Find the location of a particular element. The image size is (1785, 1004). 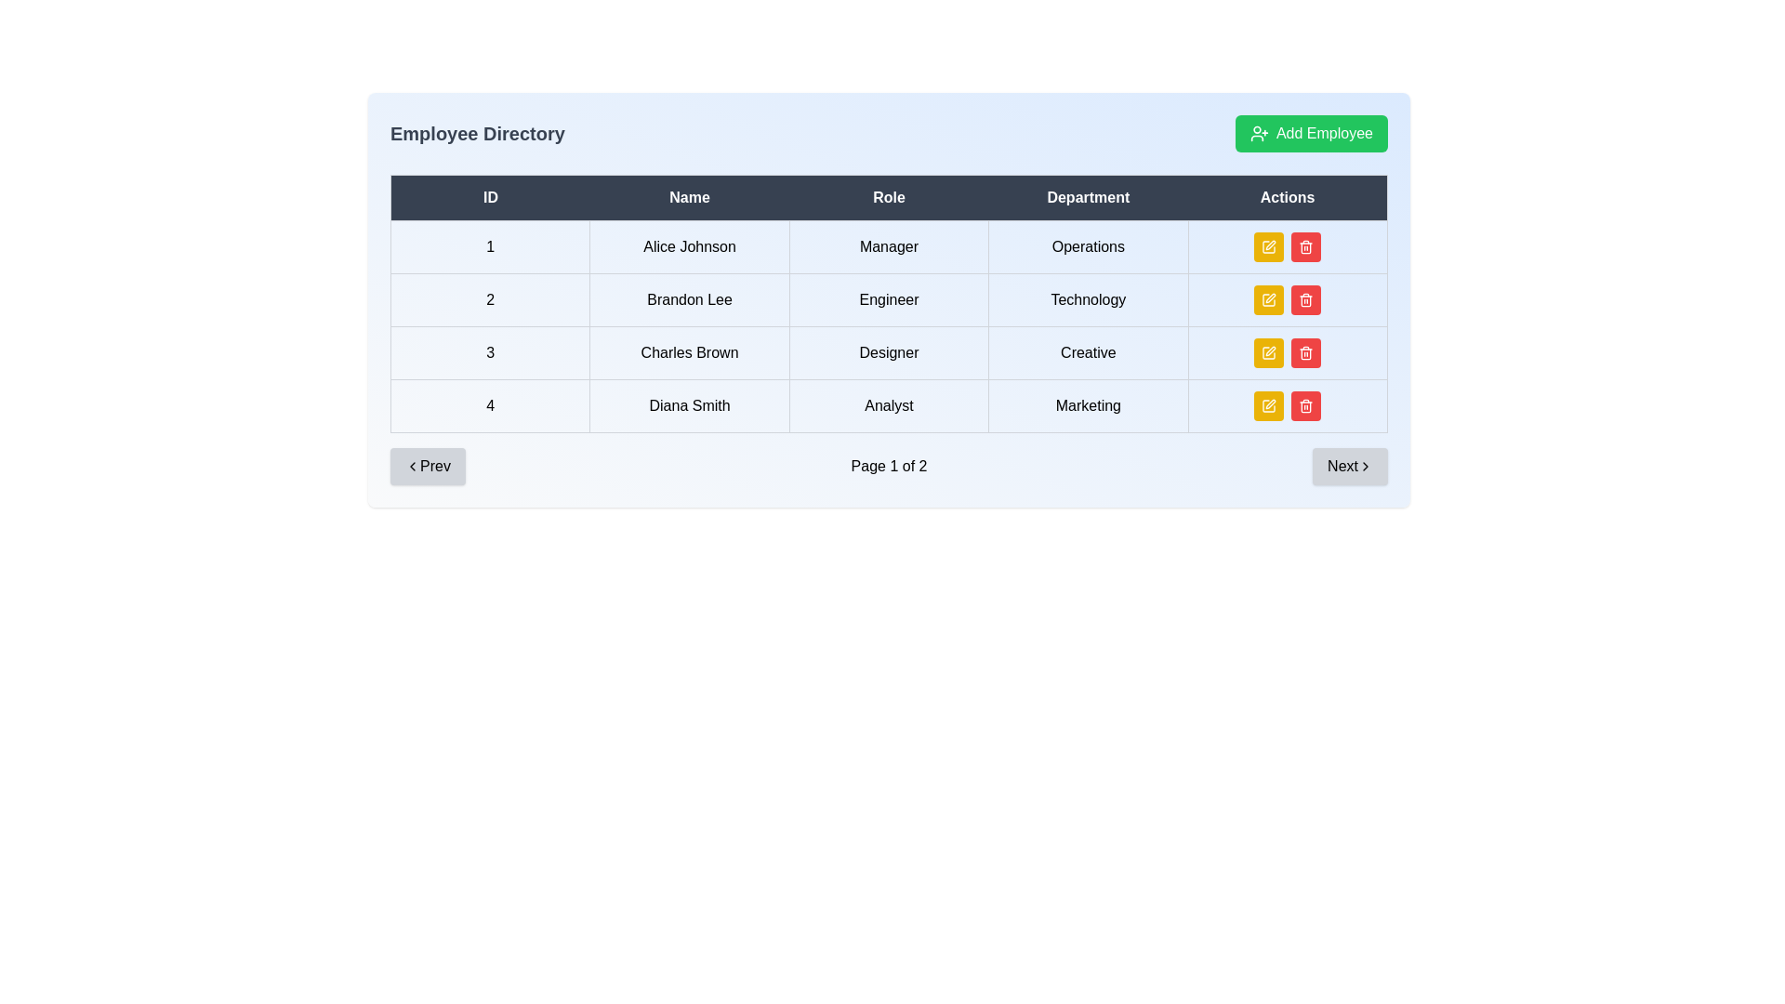

text label displaying 'Manager' located in the third cell of the first row under the 'Role' column of the employee directory table is located at coordinates (888, 246).